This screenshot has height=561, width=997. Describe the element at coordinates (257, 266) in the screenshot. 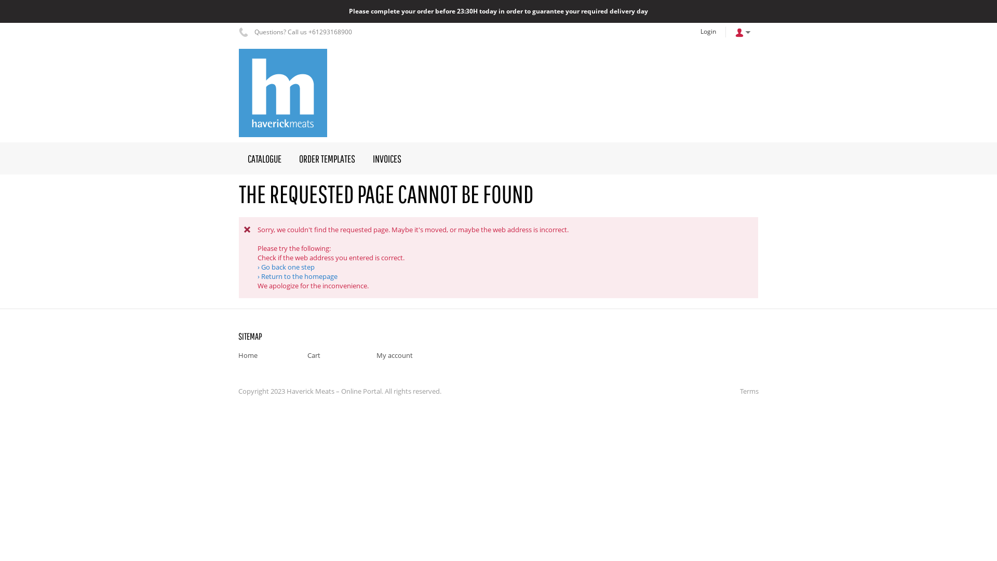

I see `'Go back one step'` at that location.